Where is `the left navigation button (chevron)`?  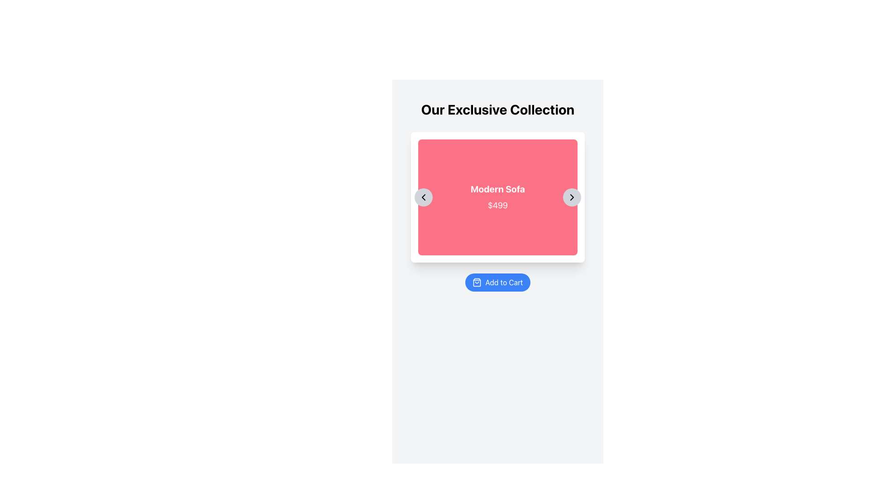
the left navigation button (chevron) is located at coordinates (423, 197).